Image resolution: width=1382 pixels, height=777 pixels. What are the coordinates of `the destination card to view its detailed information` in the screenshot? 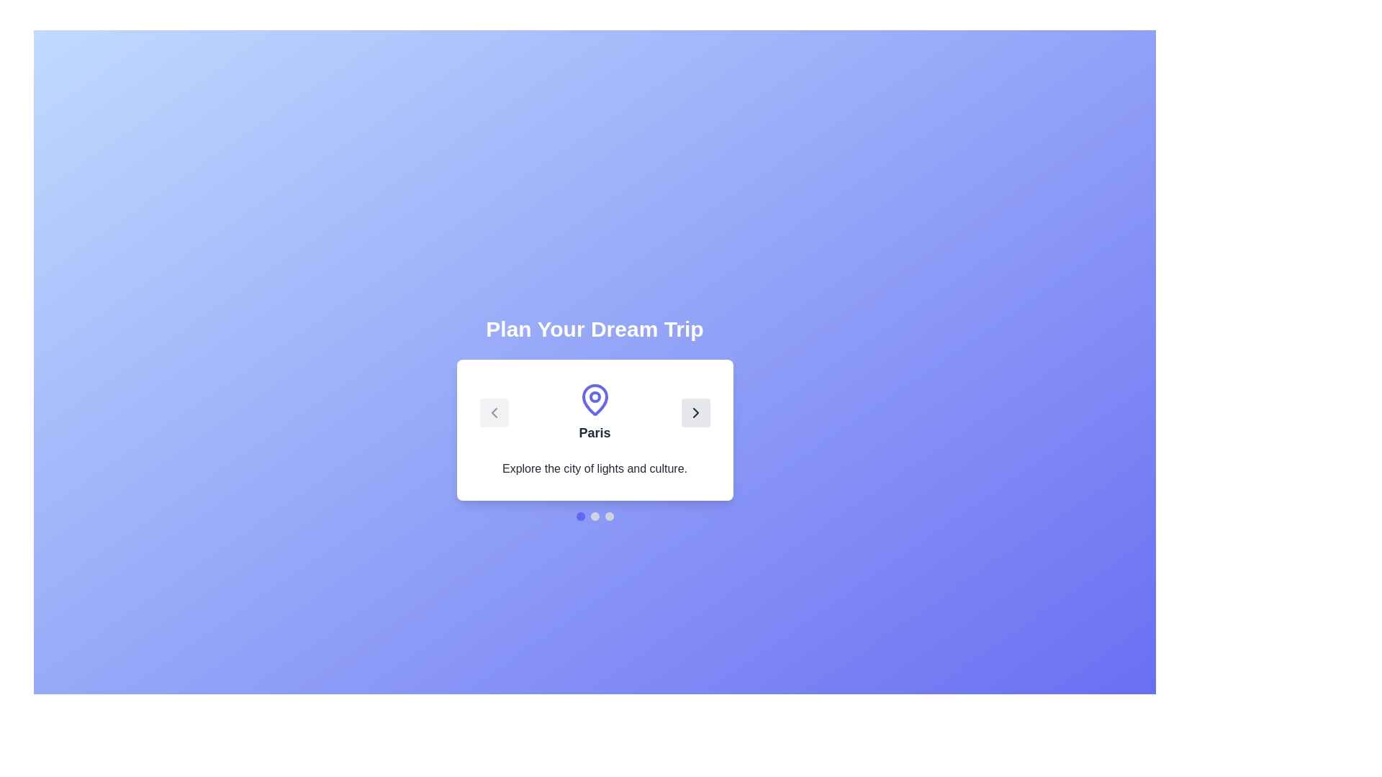 It's located at (595, 429).